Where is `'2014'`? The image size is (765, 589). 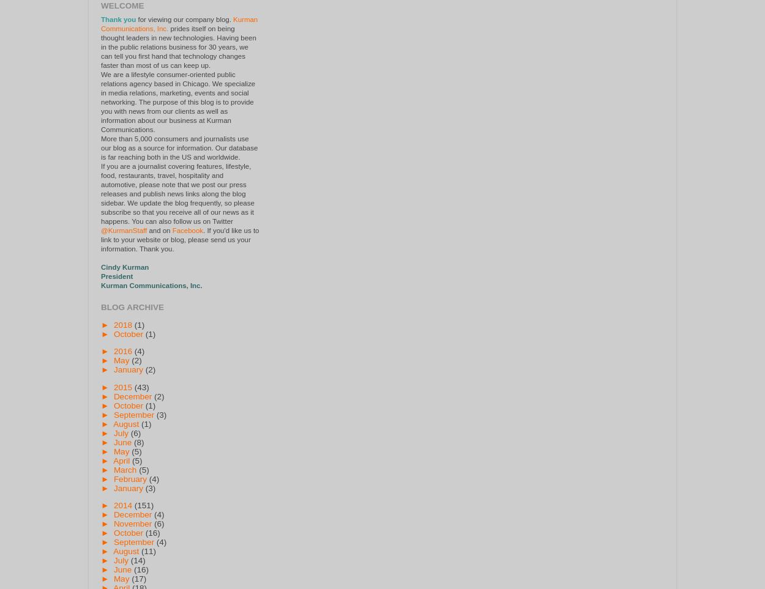
'2014' is located at coordinates (113, 505).